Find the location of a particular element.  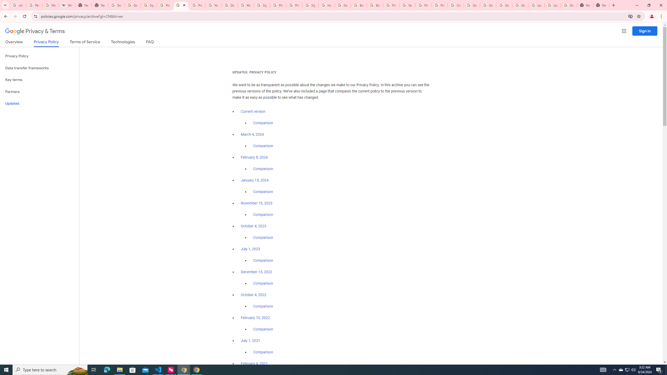

'July 1, 2023' is located at coordinates (250, 249).